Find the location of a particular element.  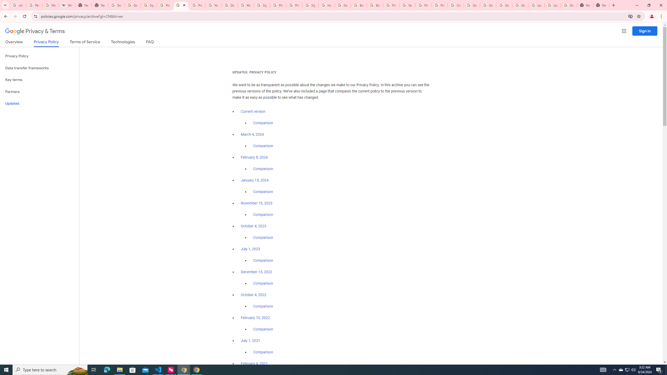

'July 1, 2023' is located at coordinates (250, 249).